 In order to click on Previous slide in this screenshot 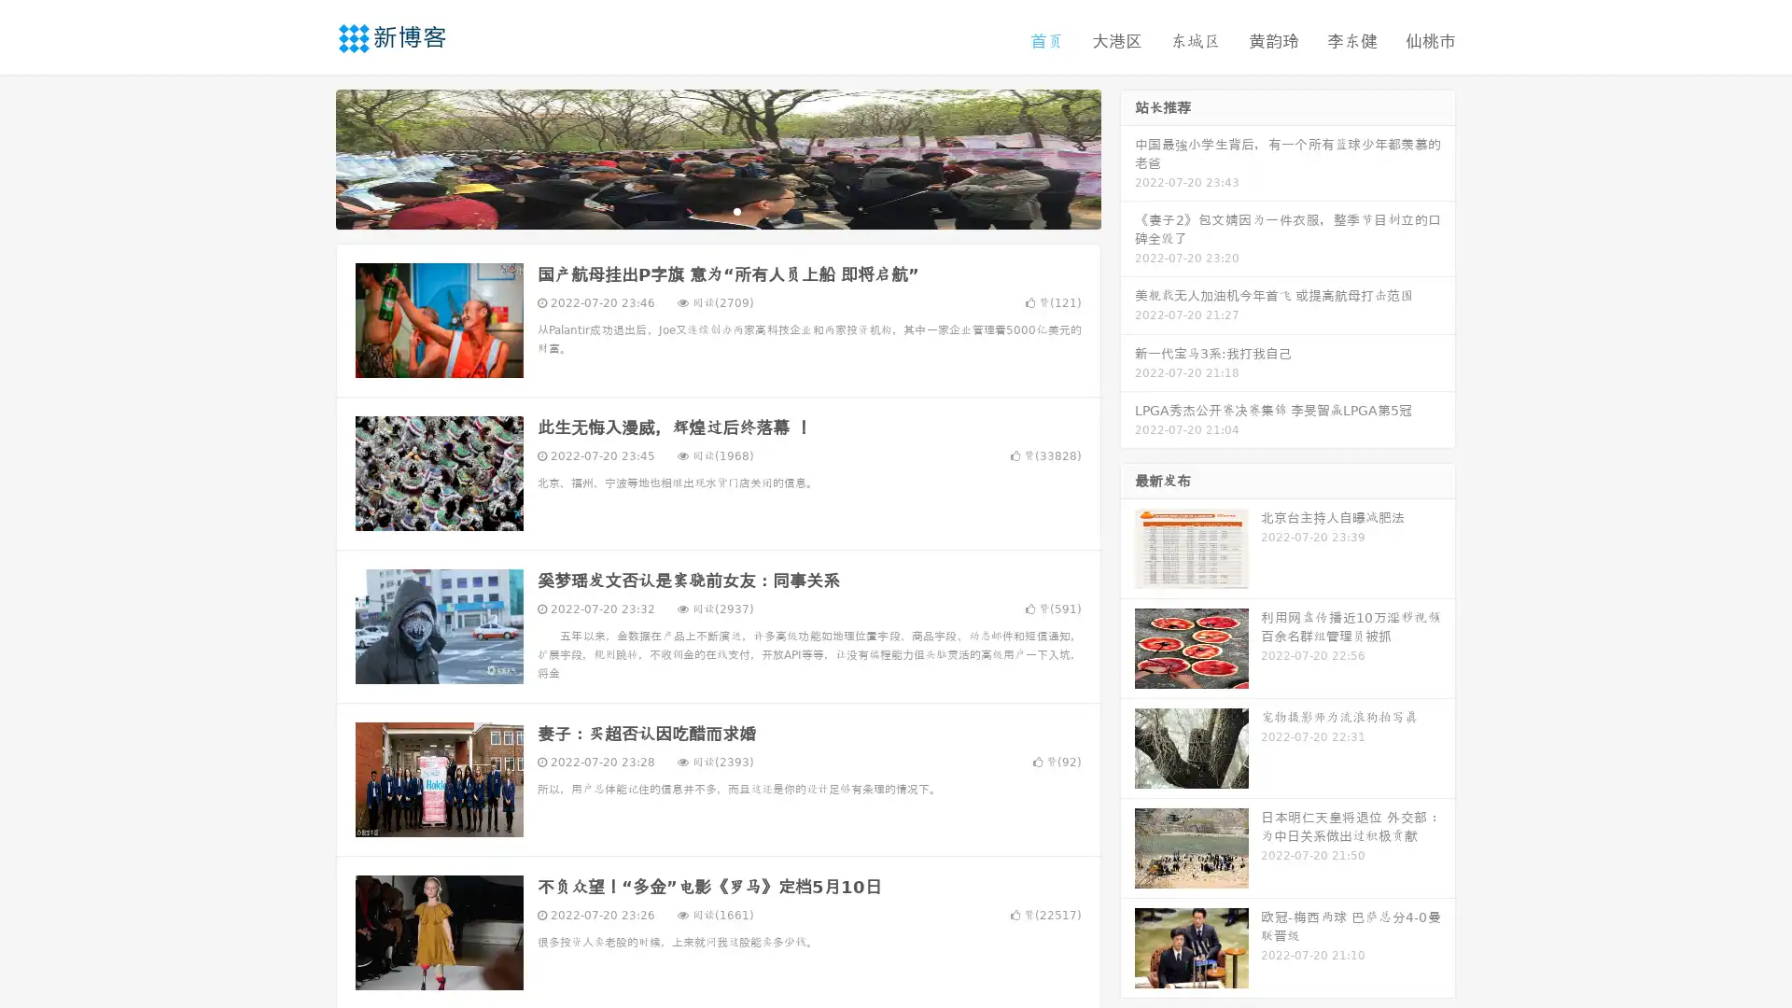, I will do `click(308, 157)`.